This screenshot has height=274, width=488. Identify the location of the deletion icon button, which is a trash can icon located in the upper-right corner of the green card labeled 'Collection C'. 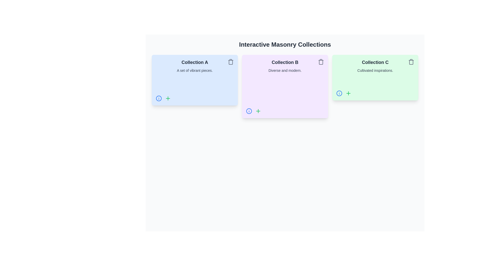
(411, 62).